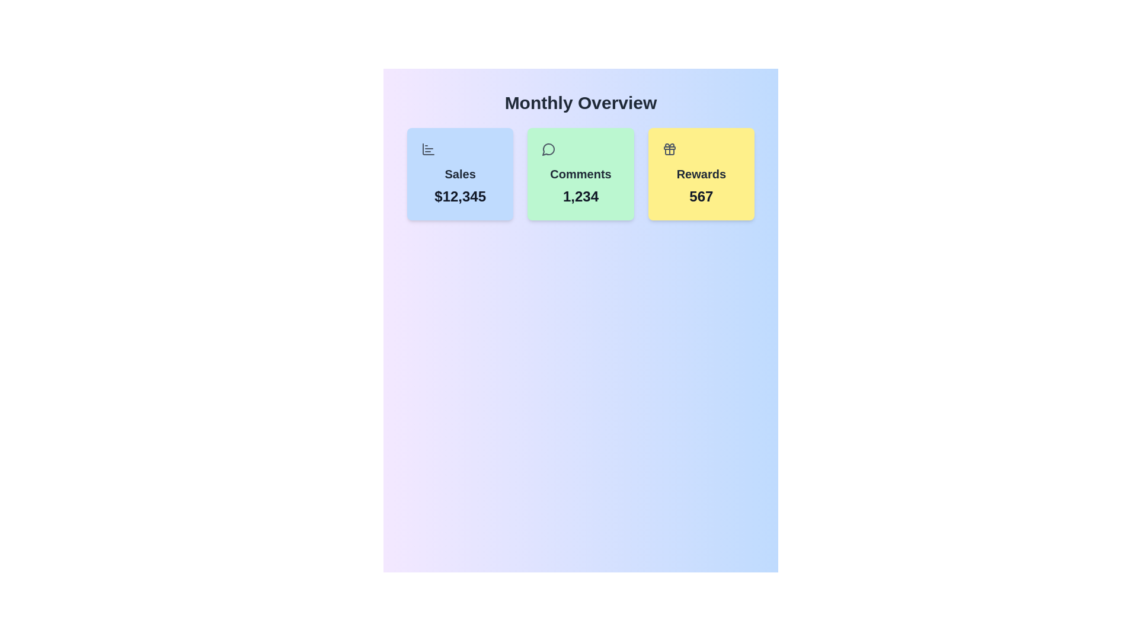  What do you see at coordinates (580, 174) in the screenshot?
I see `the static text label indicating 'Comments', which is positioned at the top of the green card in the center of a three-card horizontal layout` at bounding box center [580, 174].